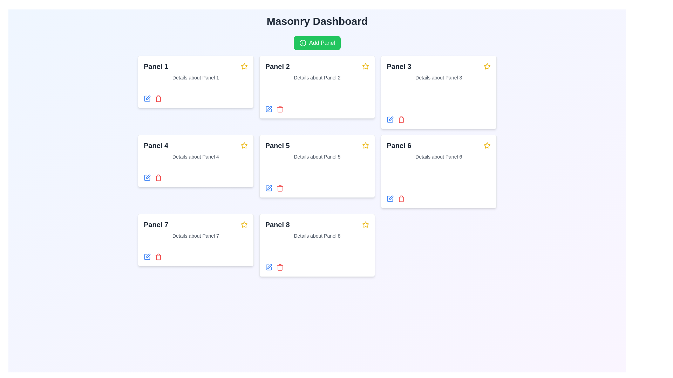 This screenshot has height=378, width=673. I want to click on the Text label that serves as the title for 'Panel 6' located in the second column and second row of the Masonry Dashboard, so click(399, 145).